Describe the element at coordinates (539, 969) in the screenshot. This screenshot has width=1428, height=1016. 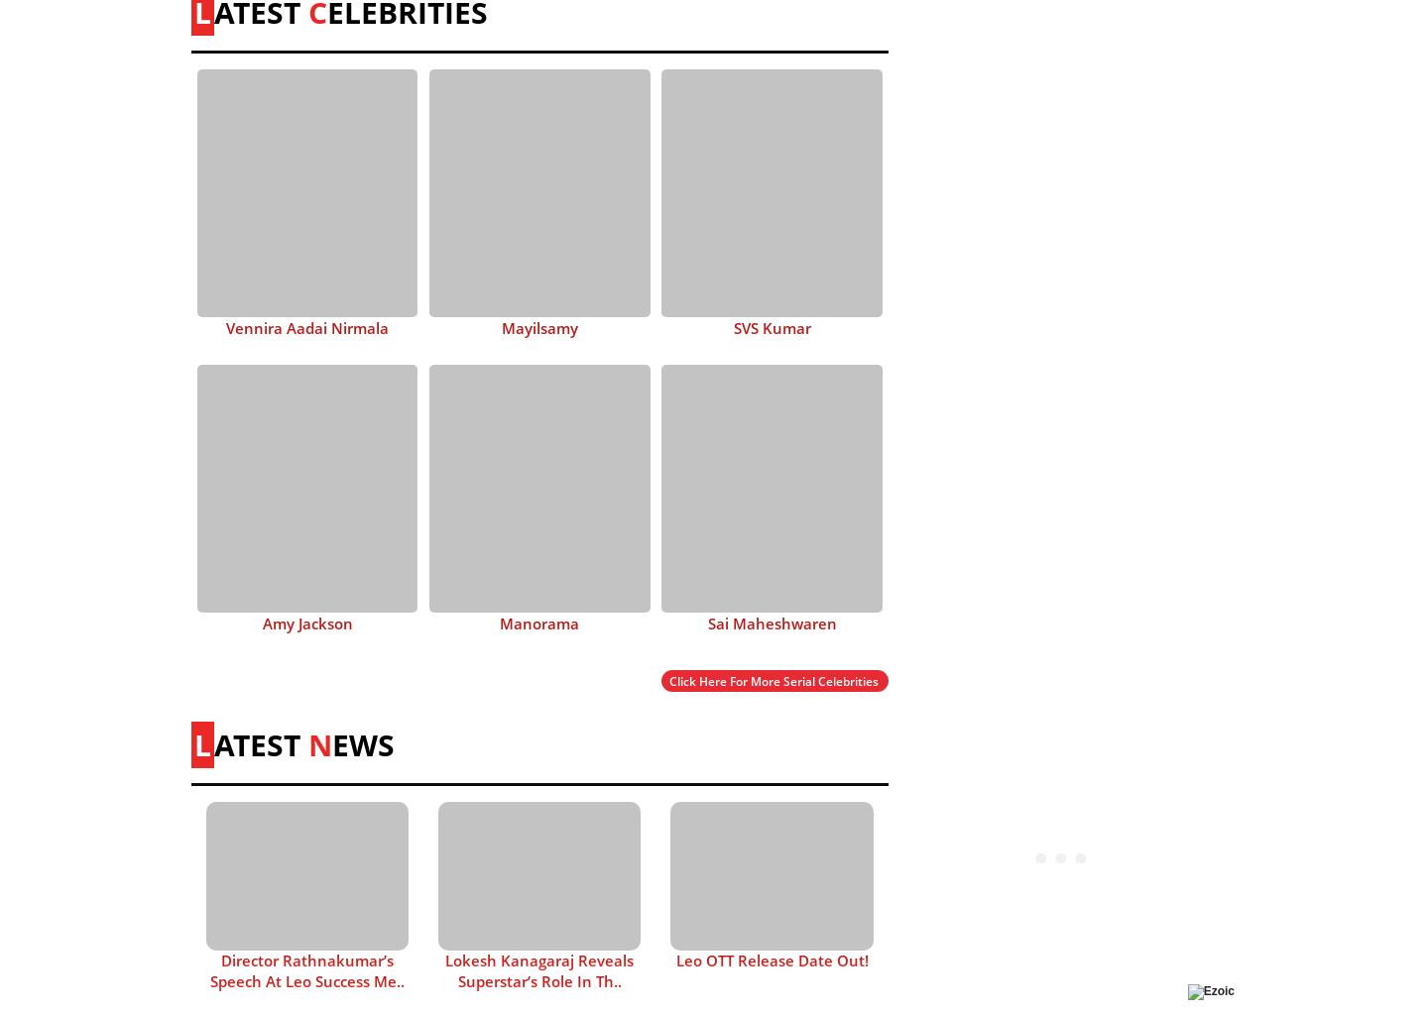
I see `'Lokesh Kanagaraj Reveals Superstar’s Role In Th..'` at that location.